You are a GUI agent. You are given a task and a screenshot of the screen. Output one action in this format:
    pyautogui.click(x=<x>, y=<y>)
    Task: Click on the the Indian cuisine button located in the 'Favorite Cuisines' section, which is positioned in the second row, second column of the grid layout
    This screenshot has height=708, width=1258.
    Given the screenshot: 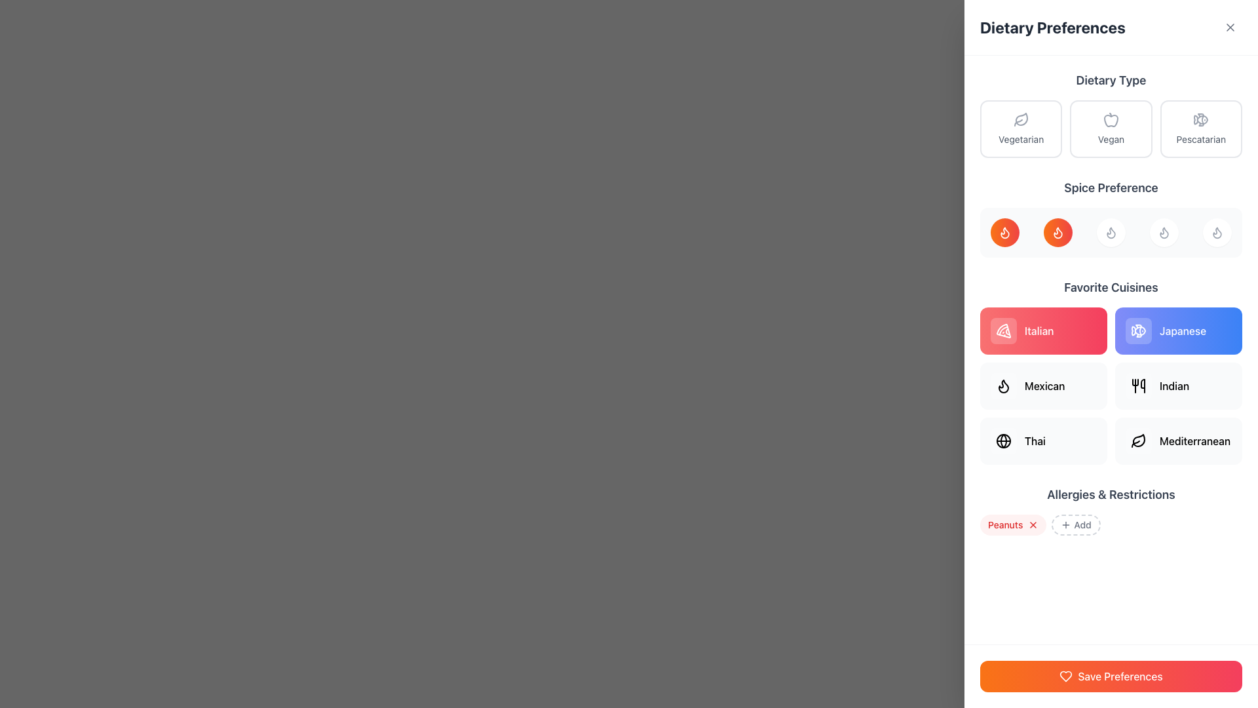 What is the action you would take?
    pyautogui.click(x=1179, y=385)
    